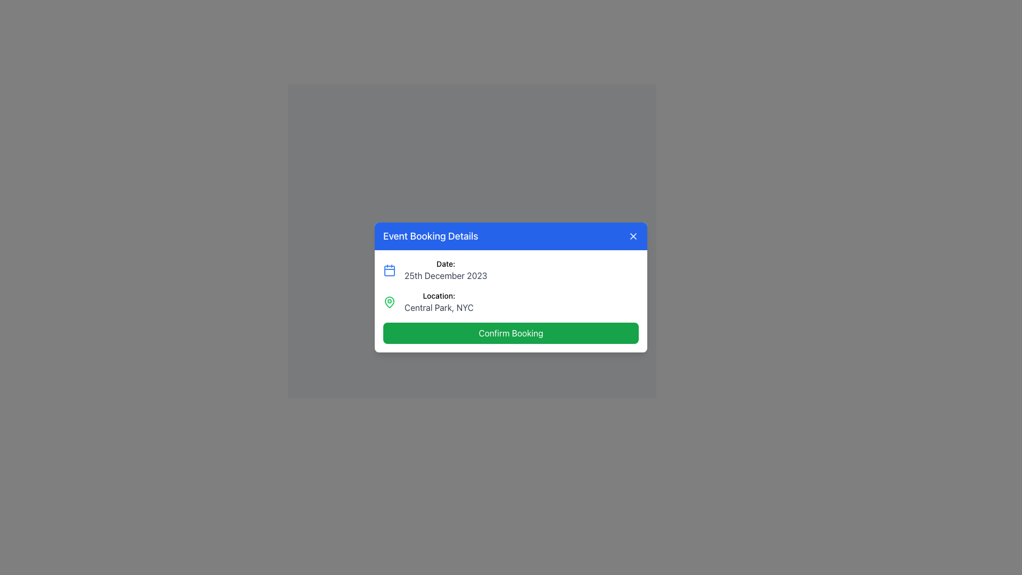  I want to click on the small red-colored button with a white 'X' icon located in the top-right corner of the 'Event Booking Details' modal, so click(633, 235).